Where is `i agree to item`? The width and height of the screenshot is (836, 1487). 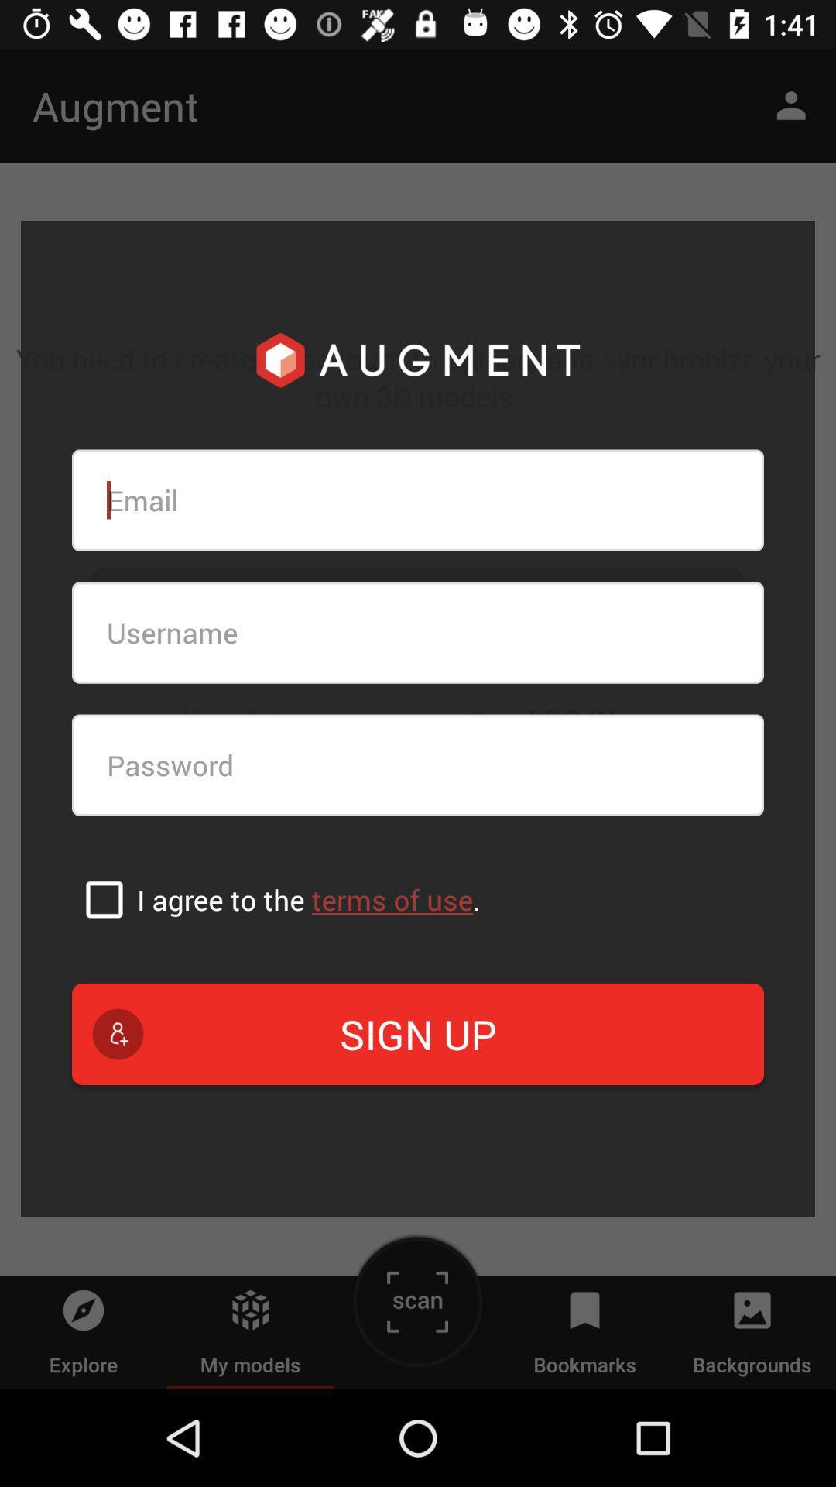
i agree to item is located at coordinates (308, 899).